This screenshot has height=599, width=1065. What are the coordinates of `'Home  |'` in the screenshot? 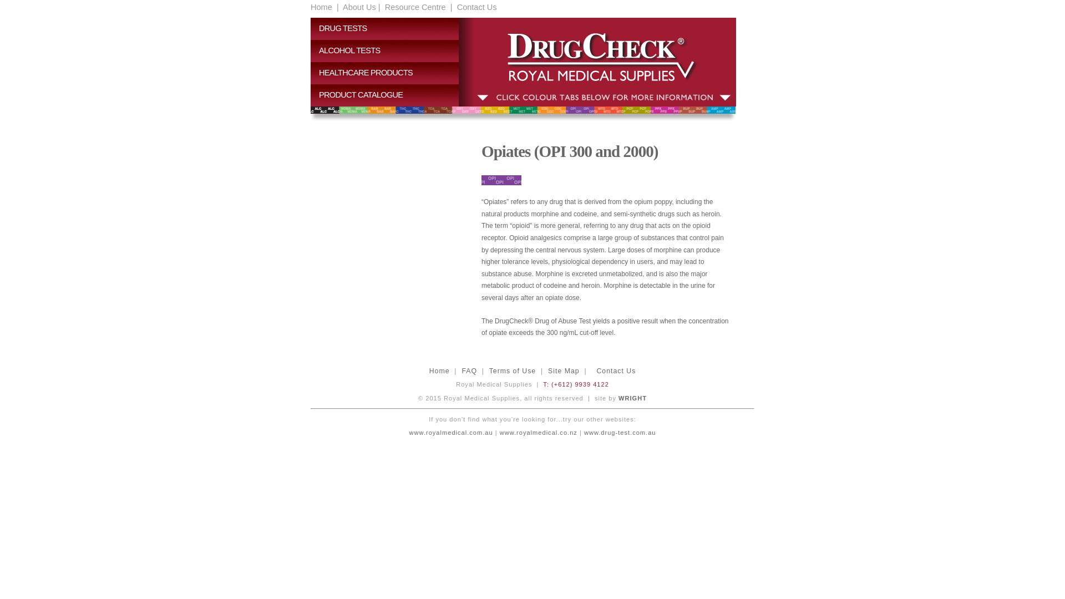 It's located at (324, 7).